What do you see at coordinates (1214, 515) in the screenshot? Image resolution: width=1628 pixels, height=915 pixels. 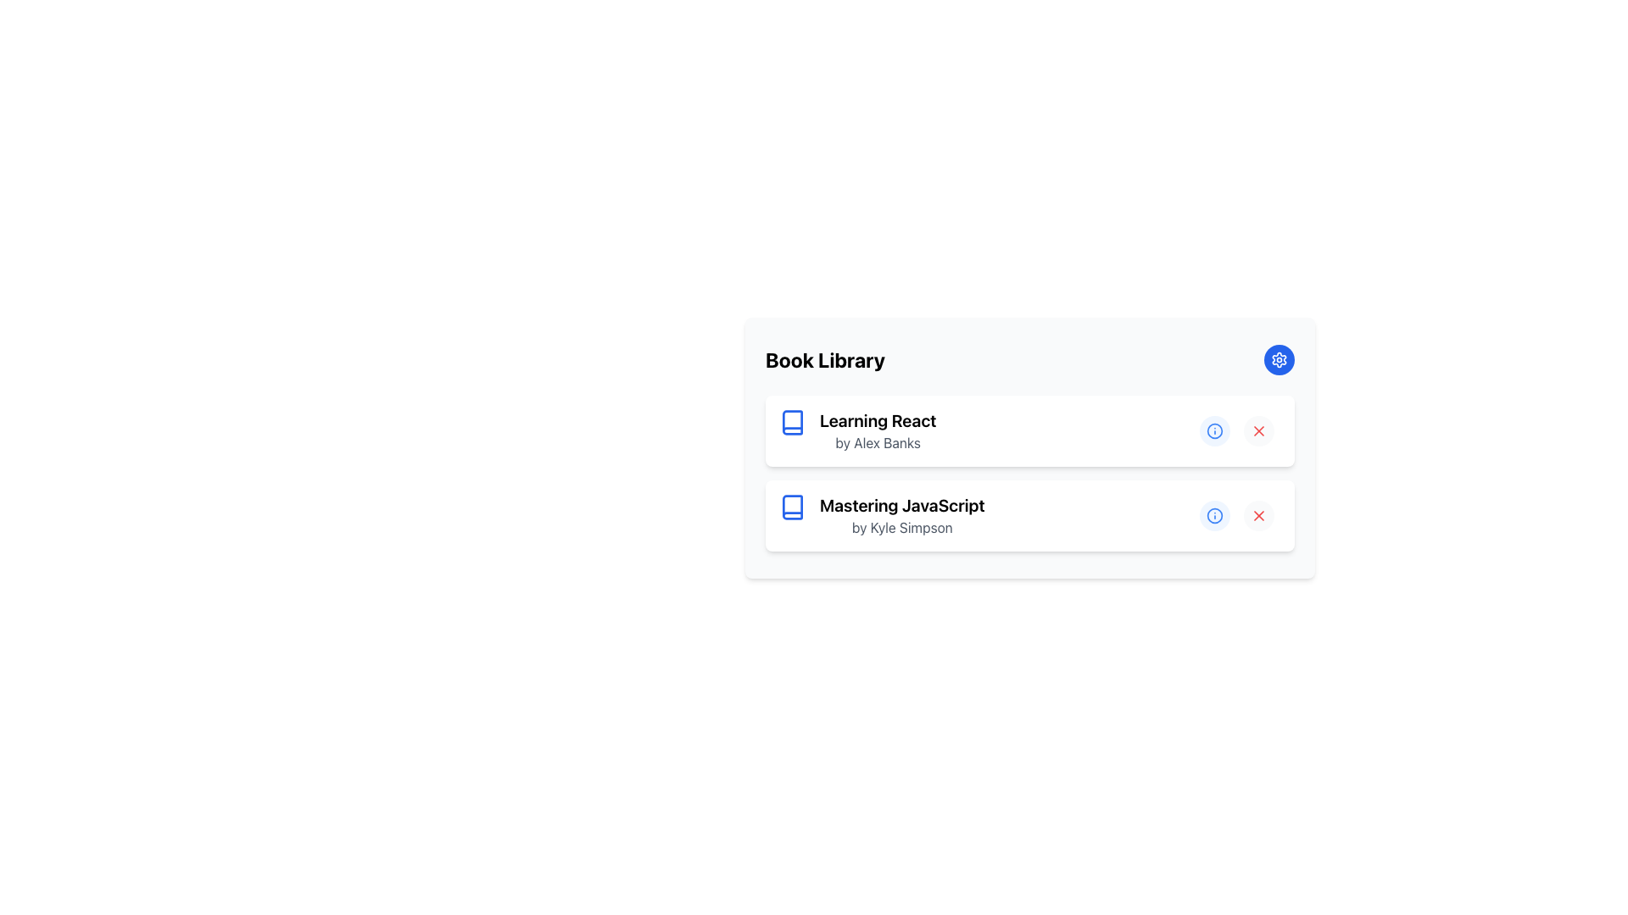 I see `the circular element with a blue outline that represents the 'info' icon located near the 'Learning React' entry` at bounding box center [1214, 515].